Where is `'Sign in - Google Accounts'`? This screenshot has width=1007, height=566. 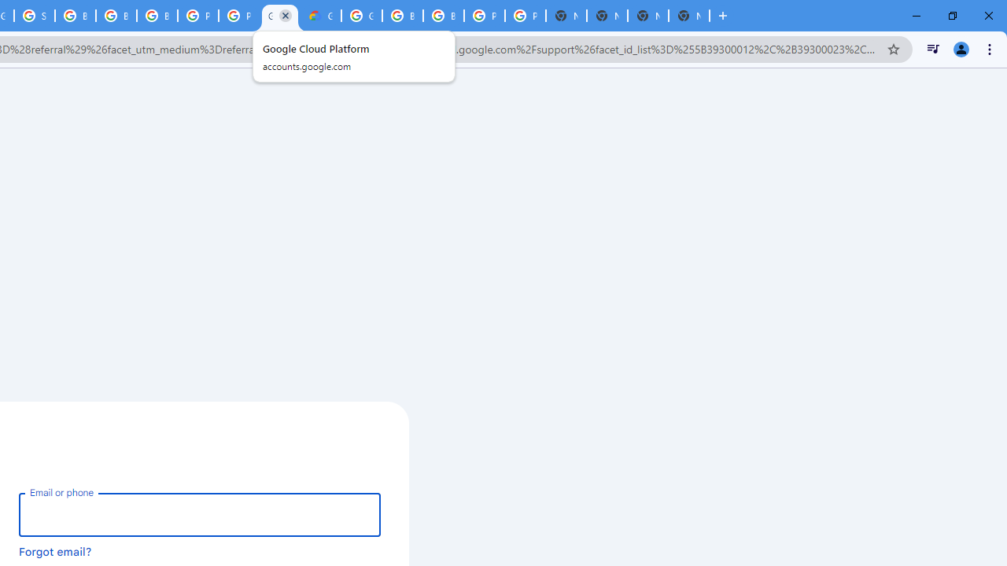 'Sign in - Google Accounts' is located at coordinates (35, 16).